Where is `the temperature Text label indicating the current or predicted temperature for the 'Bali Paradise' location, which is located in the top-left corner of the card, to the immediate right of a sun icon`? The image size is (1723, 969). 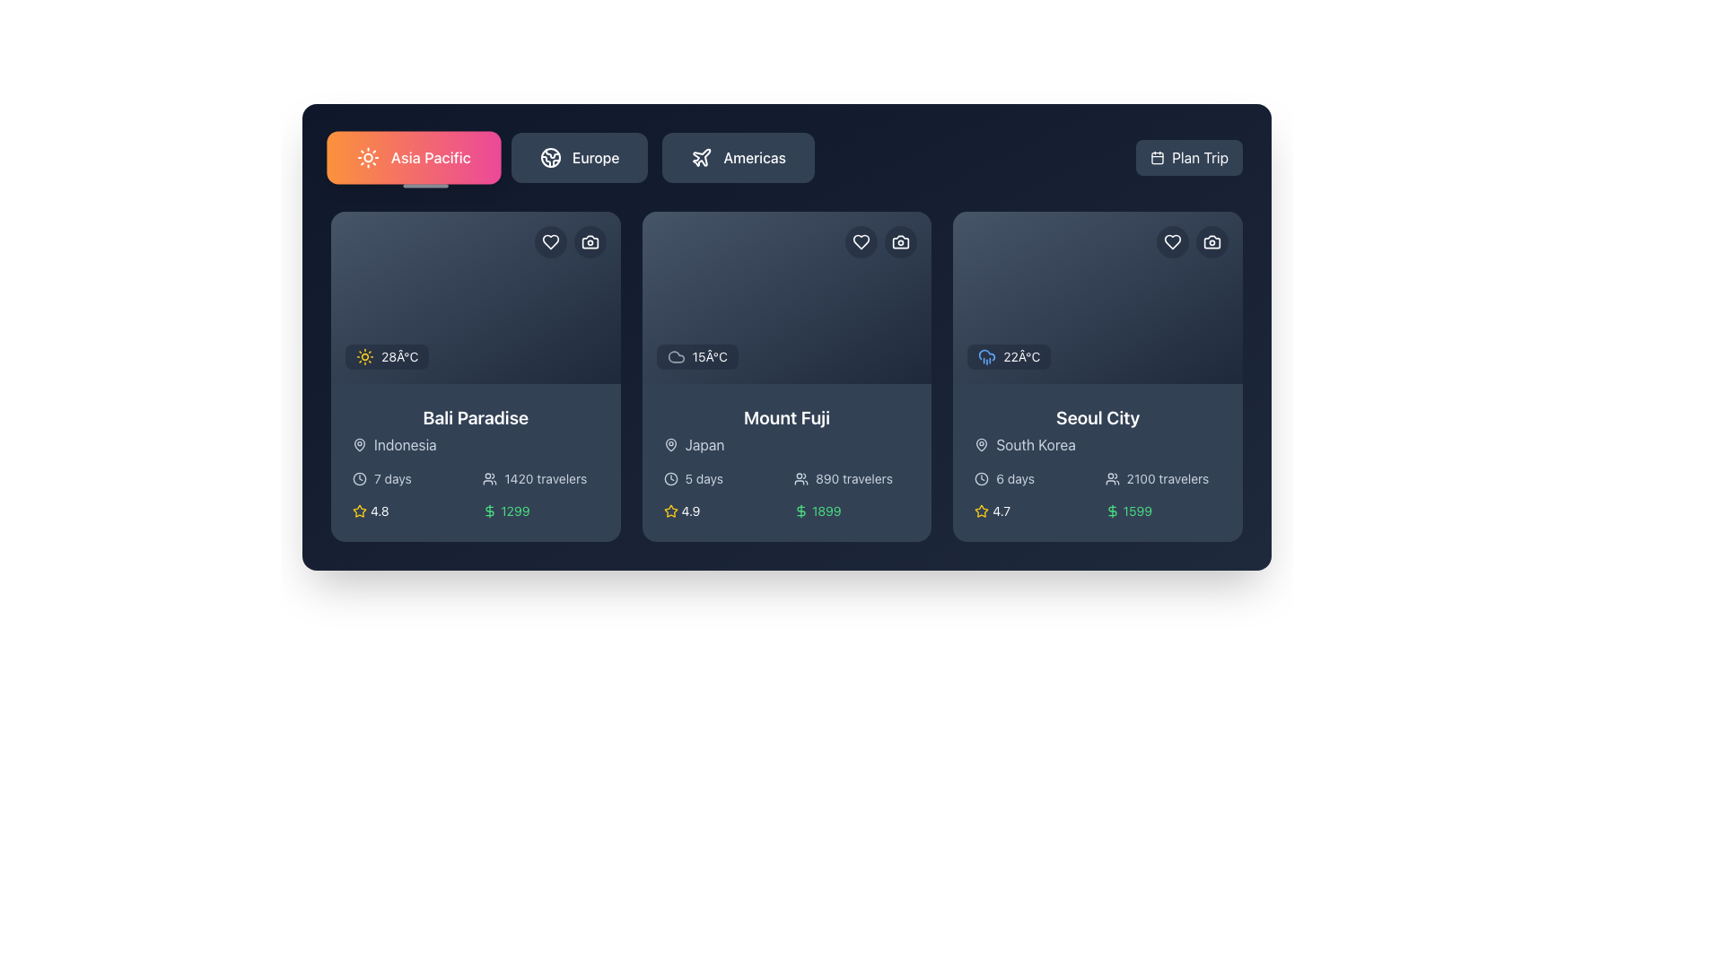
the temperature Text label indicating the current or predicted temperature for the 'Bali Paradise' location, which is located in the top-left corner of the card, to the immediate right of a sun icon is located at coordinates (398, 356).